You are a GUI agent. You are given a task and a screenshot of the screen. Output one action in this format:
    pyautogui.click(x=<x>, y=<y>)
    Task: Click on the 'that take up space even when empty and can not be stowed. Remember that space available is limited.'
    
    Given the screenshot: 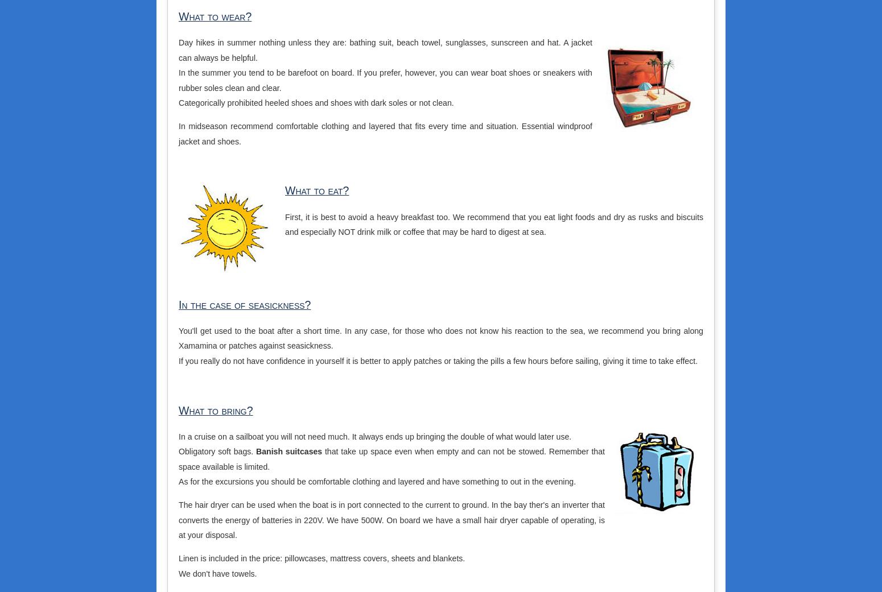 What is the action you would take?
    pyautogui.click(x=391, y=458)
    